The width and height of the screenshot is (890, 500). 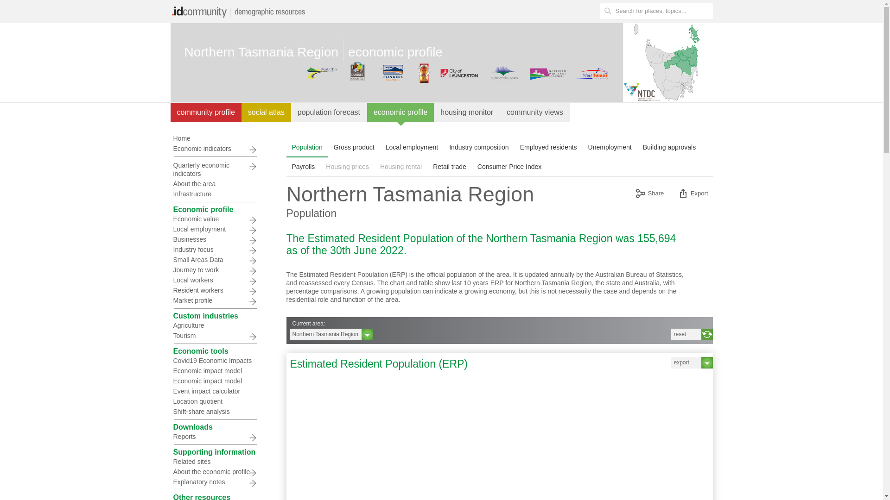 What do you see at coordinates (467, 112) in the screenshot?
I see `'housing monitor'` at bounding box center [467, 112].